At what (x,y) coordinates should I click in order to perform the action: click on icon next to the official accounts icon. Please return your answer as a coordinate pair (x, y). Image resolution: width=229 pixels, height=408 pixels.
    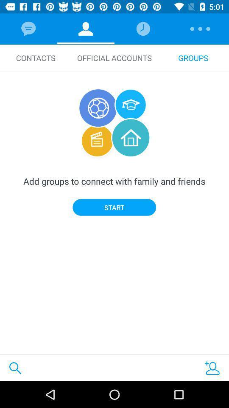
    Looking at the image, I should click on (35, 57).